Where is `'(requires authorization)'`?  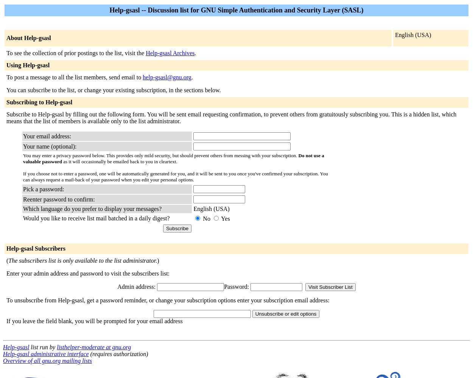
'(requires authorization)' is located at coordinates (88, 354).